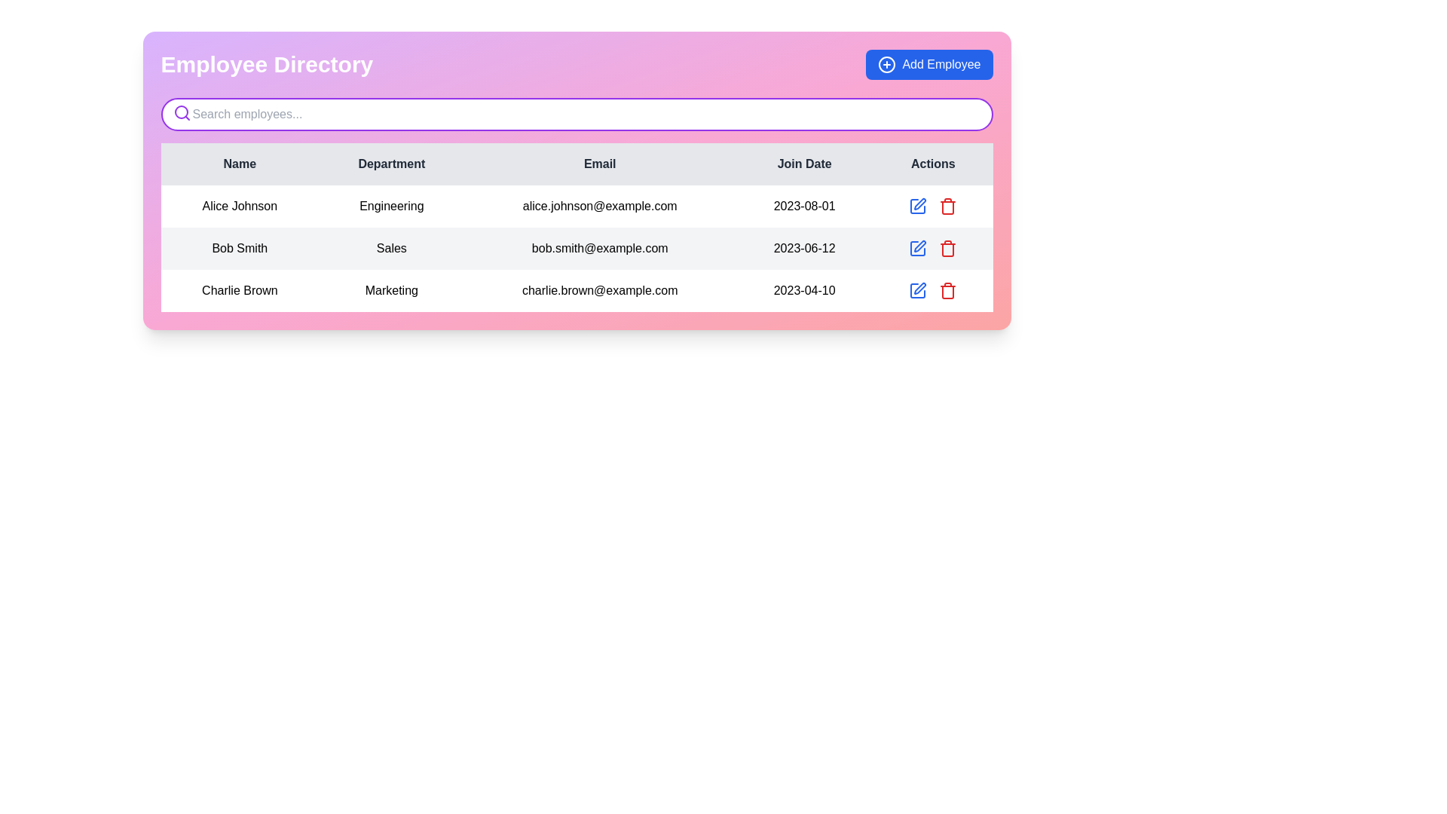 Image resolution: width=1447 pixels, height=814 pixels. Describe the element at coordinates (267, 63) in the screenshot. I see `the static text label at the top-left corner of the interface, which serves as the title of the page` at that location.